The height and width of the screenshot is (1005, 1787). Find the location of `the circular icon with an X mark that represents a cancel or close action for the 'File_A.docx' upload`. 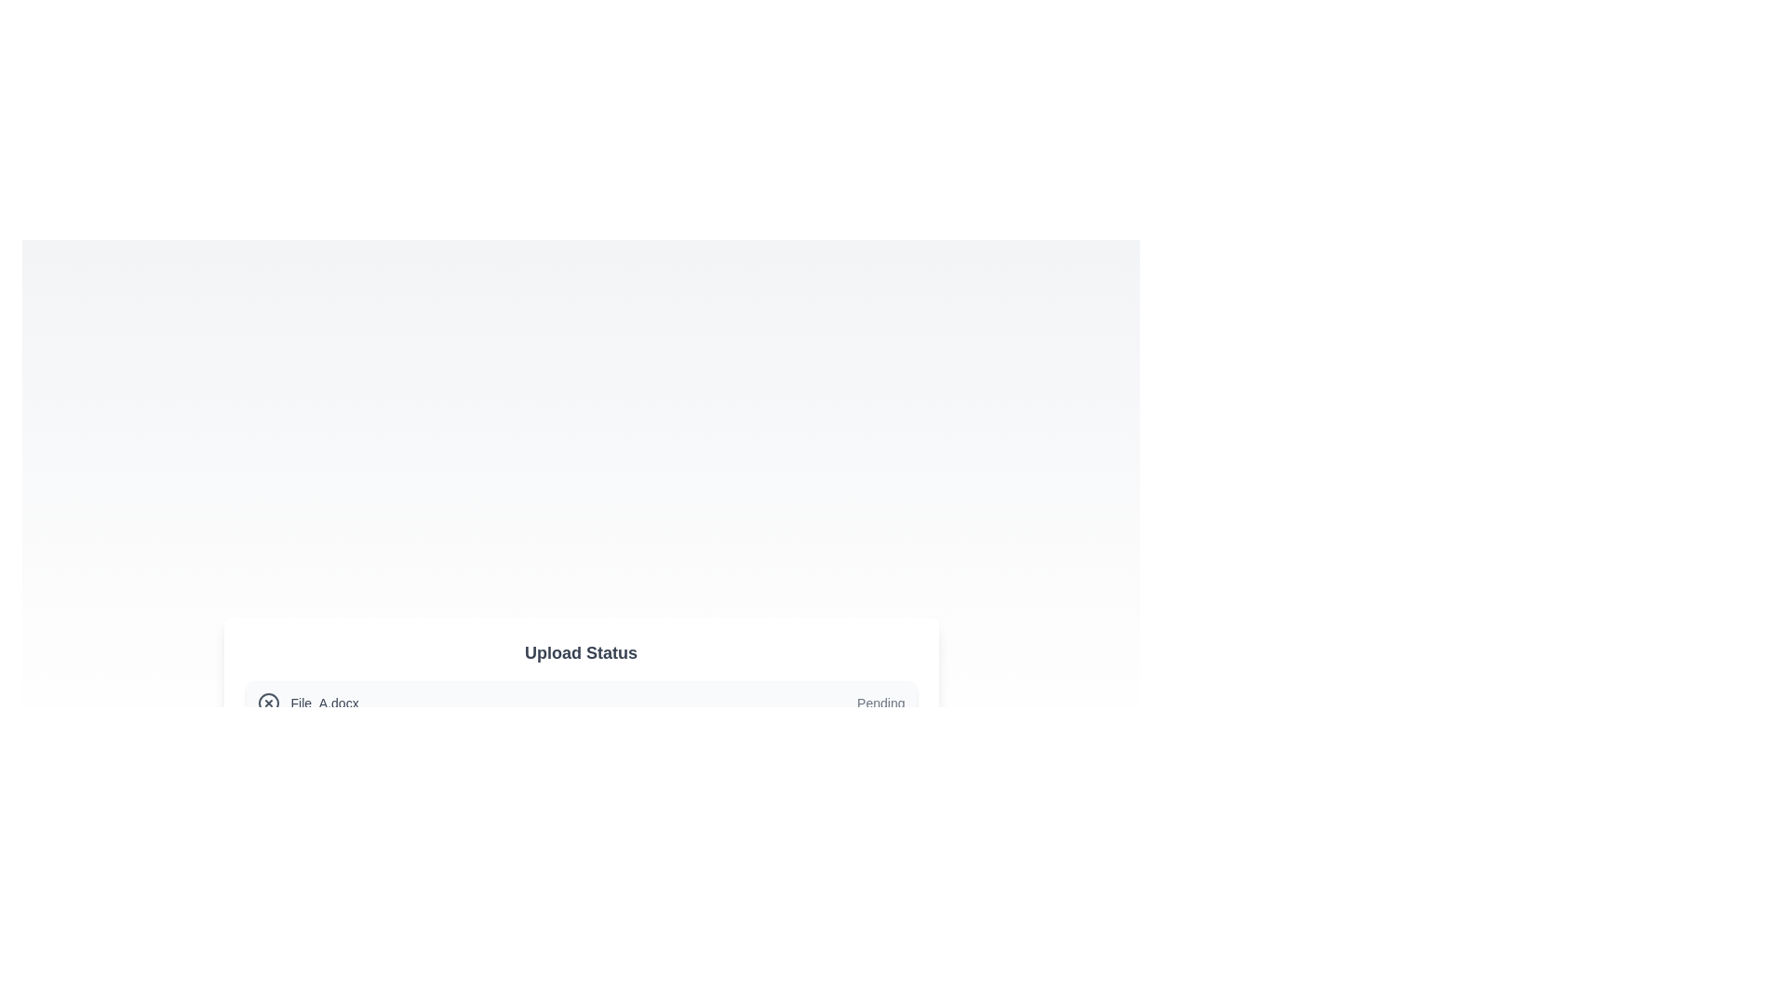

the circular icon with an X mark that represents a cancel or close action for the 'File_A.docx' upload is located at coordinates (267, 703).